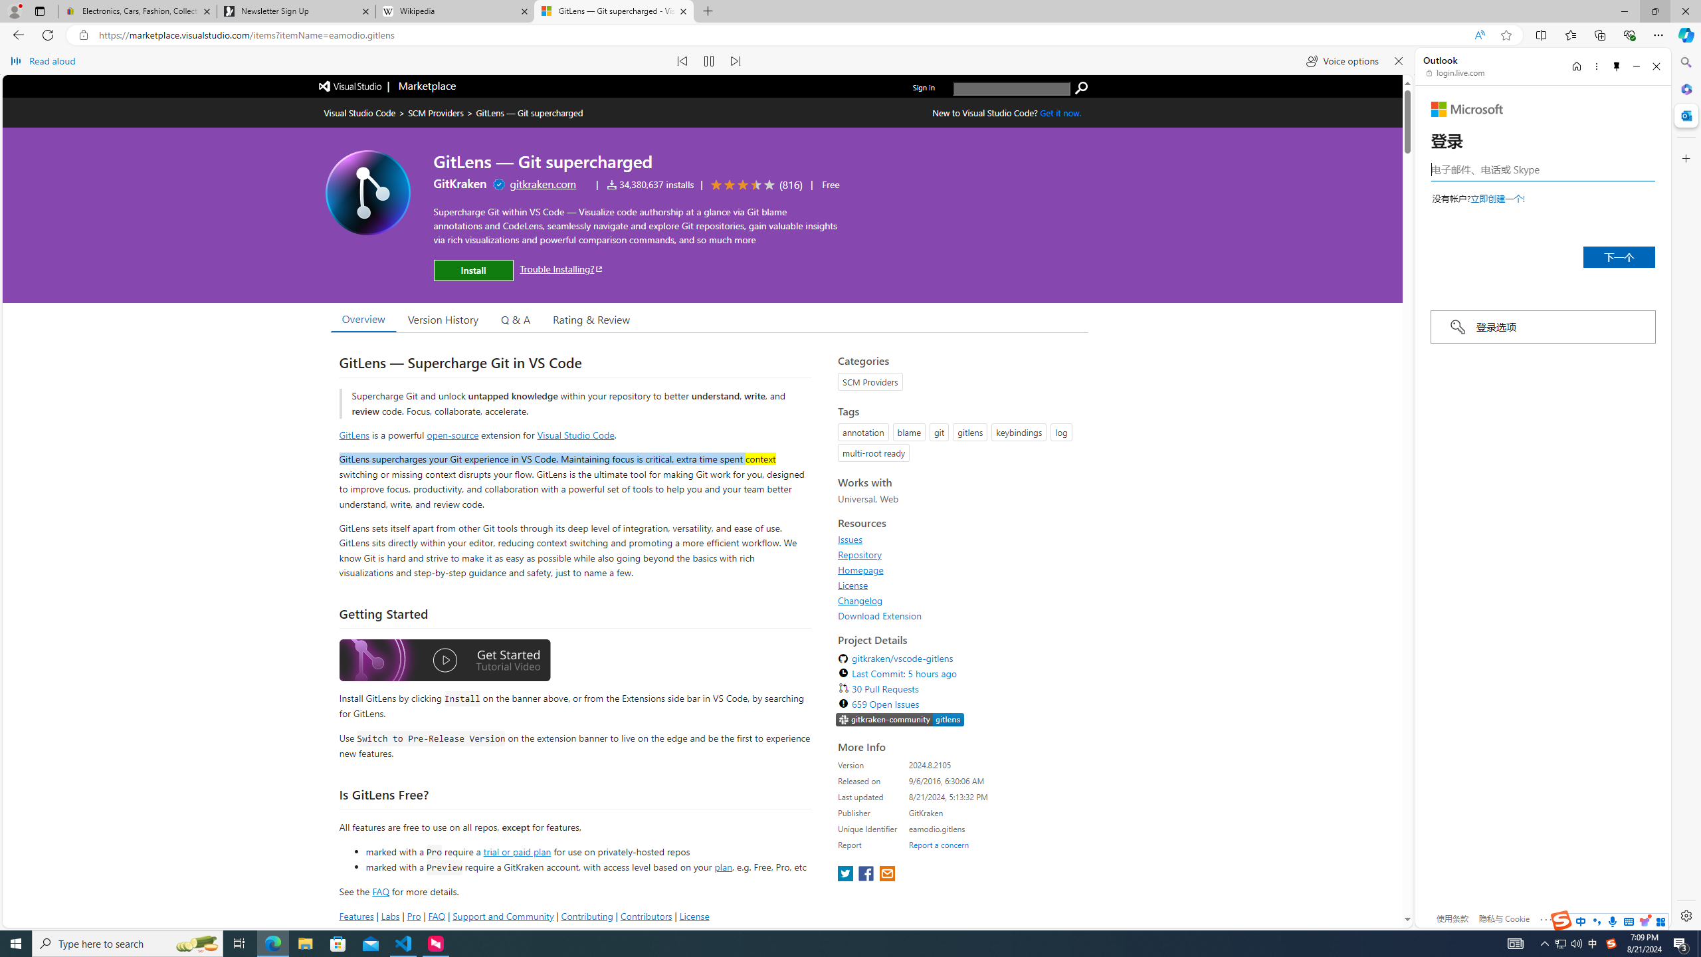 This screenshot has width=1701, height=957. Describe the element at coordinates (866, 874) in the screenshot. I see `'share extension on facebook'` at that location.